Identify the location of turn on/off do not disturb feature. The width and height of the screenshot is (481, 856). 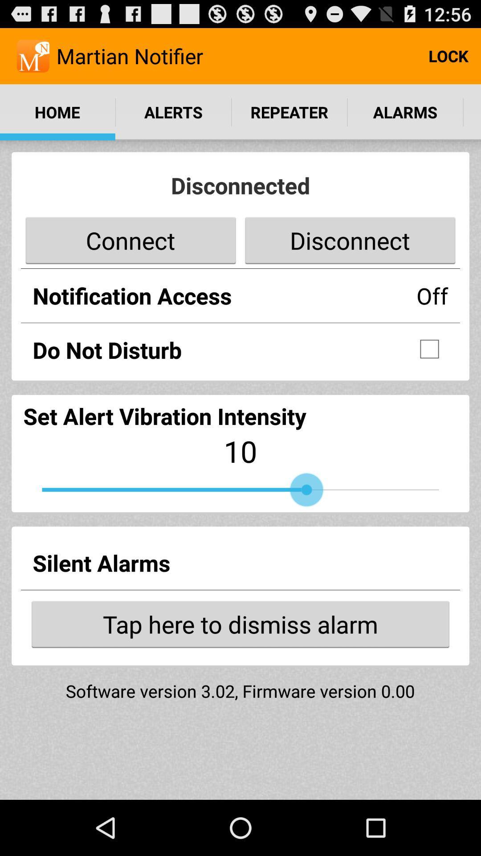
(429, 348).